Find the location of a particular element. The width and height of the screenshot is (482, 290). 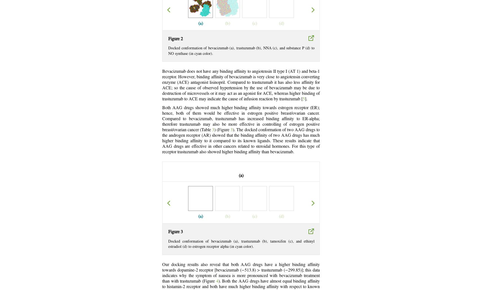

'Docked conformation of bevacizumab (a), trastuzumab (b), tamoxifen (c), and ethinyl estradiol (d) to estrogen receptor alpha (in cyan color).' is located at coordinates (241, 244).